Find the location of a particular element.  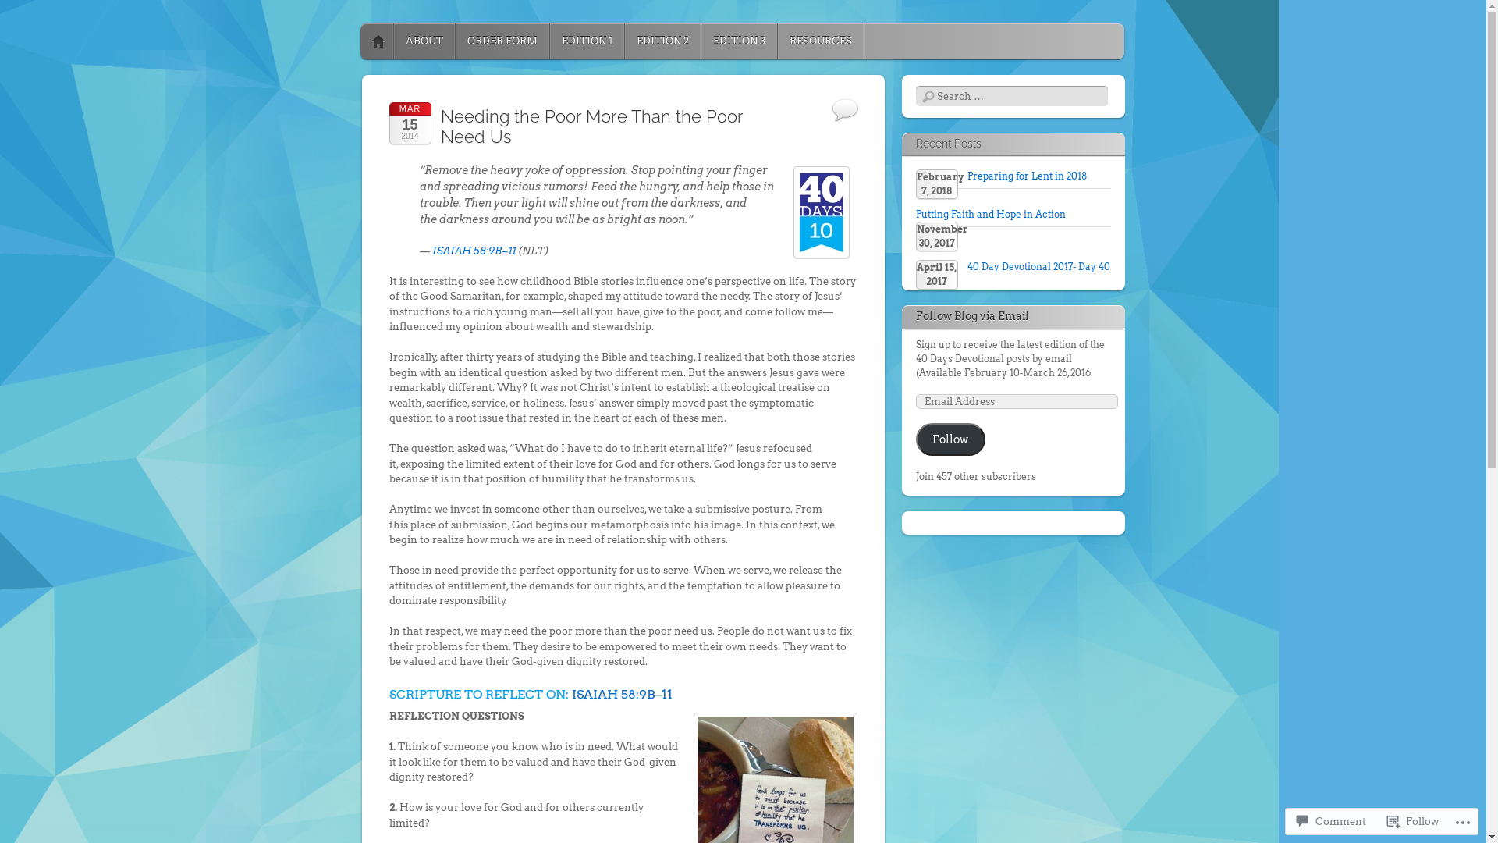

'Comment' is located at coordinates (1330, 820).